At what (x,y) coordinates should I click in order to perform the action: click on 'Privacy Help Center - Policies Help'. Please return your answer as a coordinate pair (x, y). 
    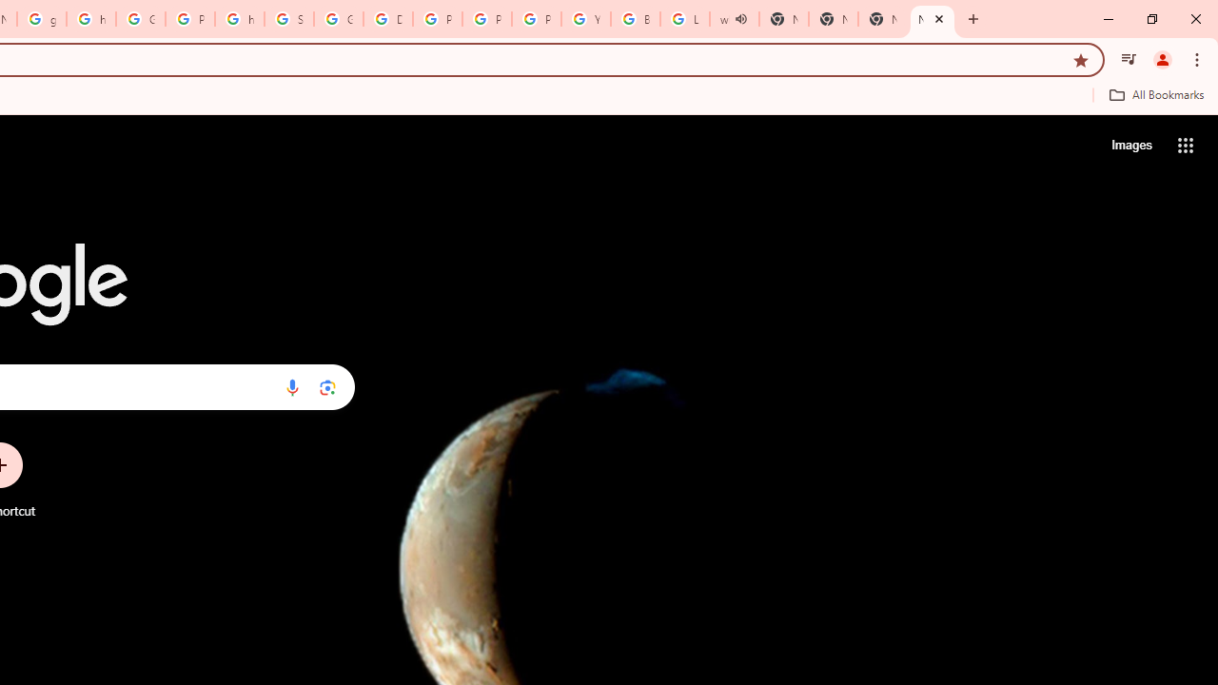
    Looking at the image, I should click on (487, 19).